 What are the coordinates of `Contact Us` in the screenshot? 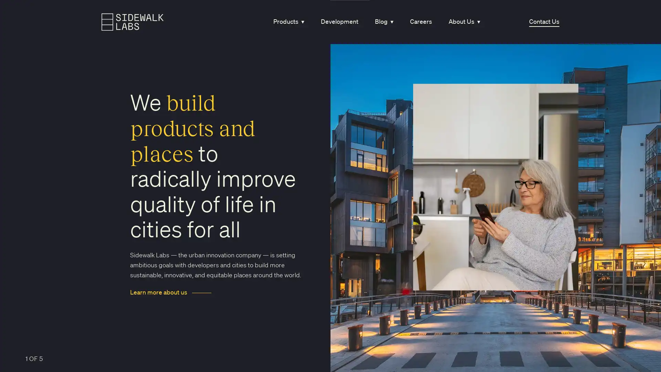 It's located at (543, 21).